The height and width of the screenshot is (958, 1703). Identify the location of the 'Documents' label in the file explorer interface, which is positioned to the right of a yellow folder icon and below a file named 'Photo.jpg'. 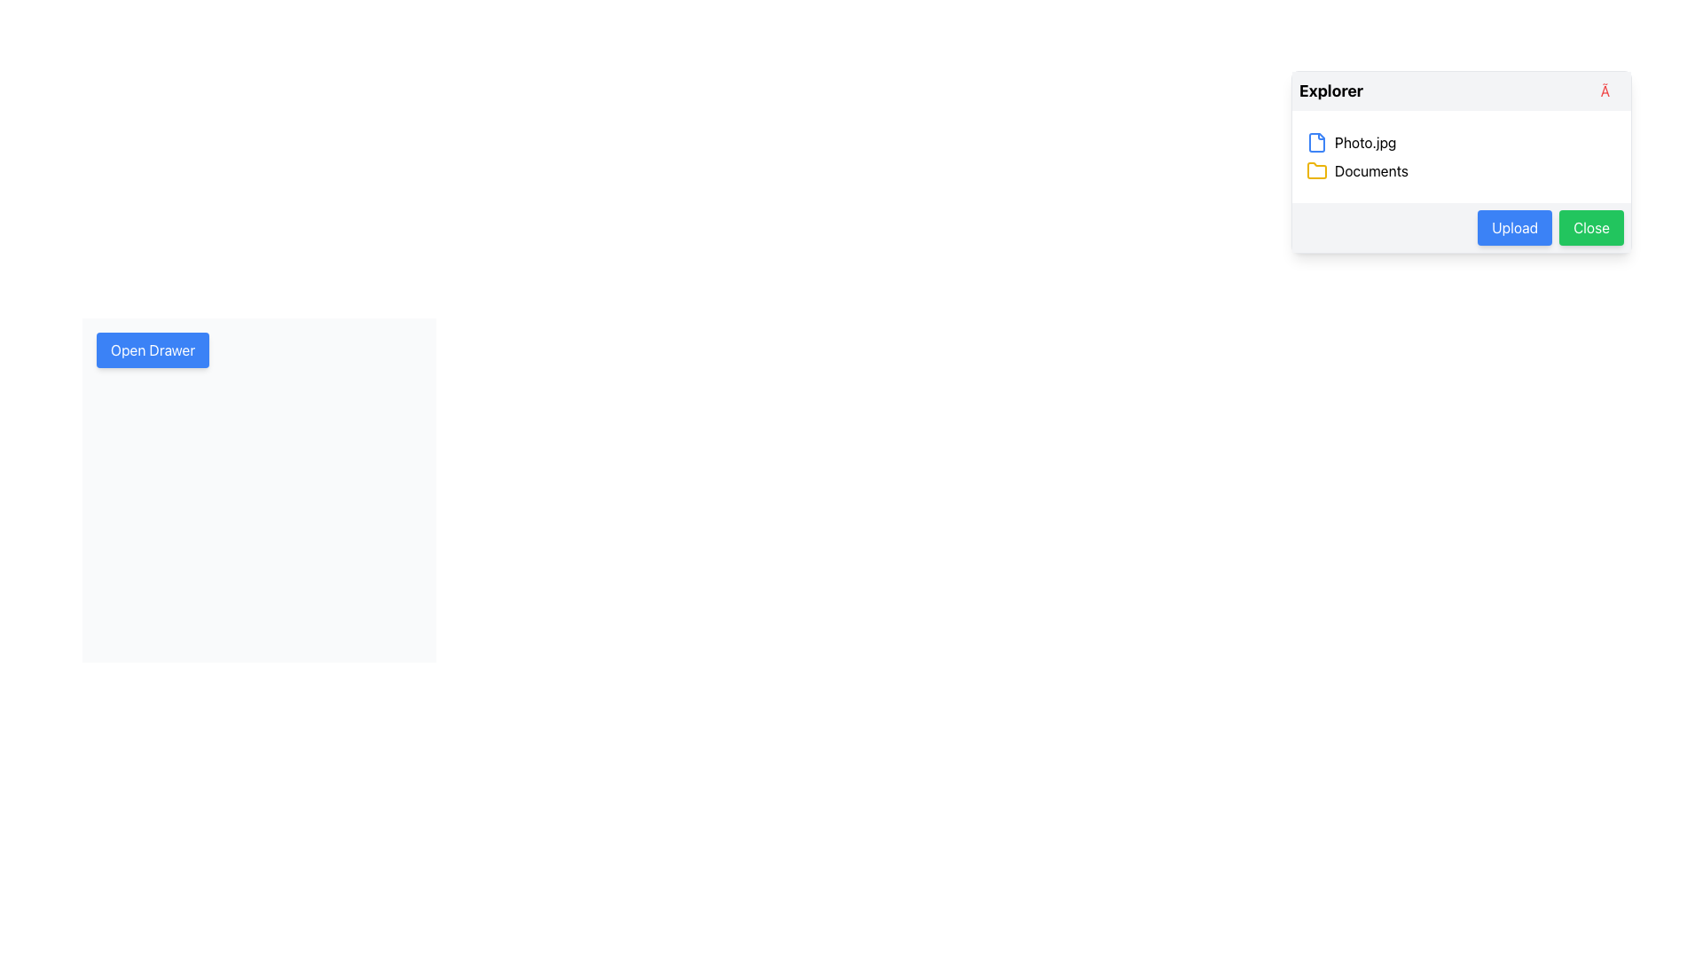
(1370, 170).